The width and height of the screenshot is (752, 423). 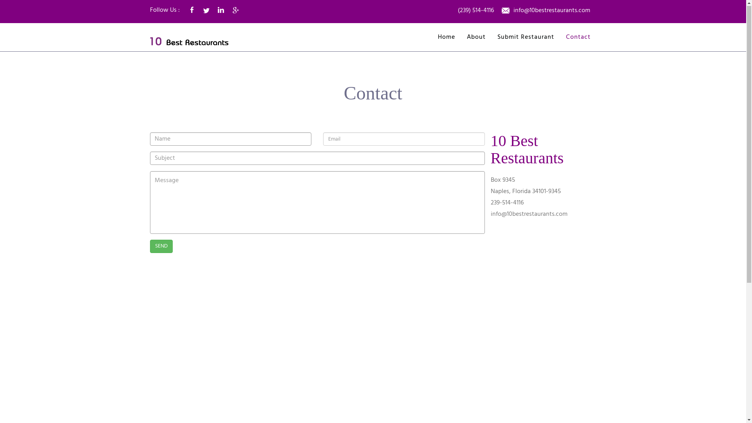 I want to click on 'About', so click(x=475, y=38).